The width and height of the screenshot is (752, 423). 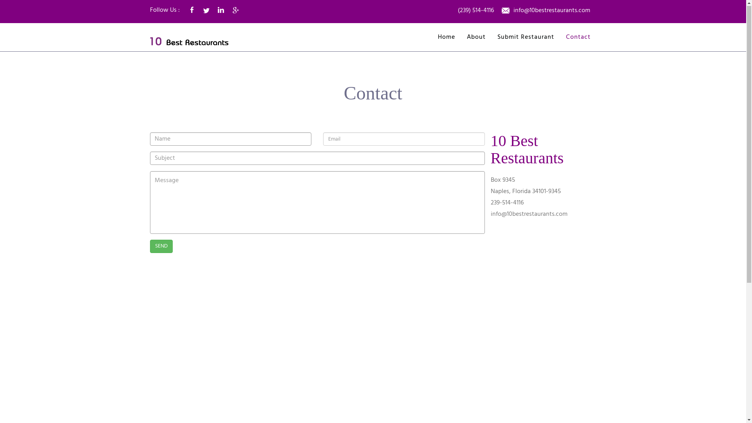 I want to click on 'About', so click(x=475, y=38).